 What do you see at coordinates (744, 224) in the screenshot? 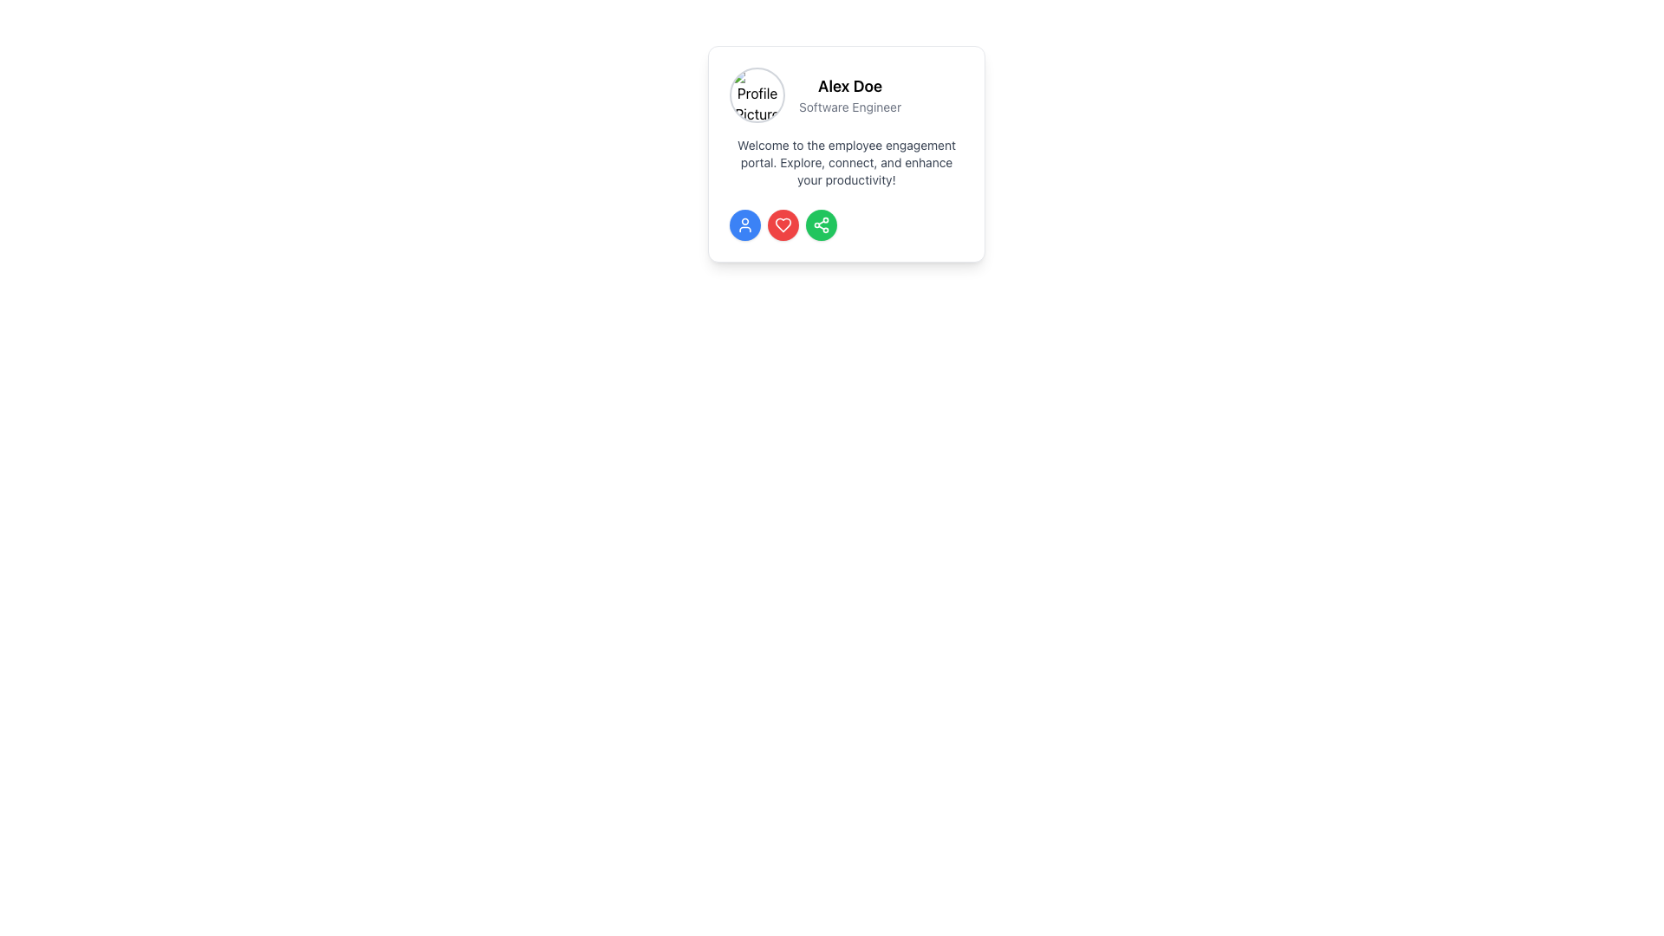
I see `the circular button with a blue background and a white user icon, located at the bottom center of the card interface` at bounding box center [744, 224].